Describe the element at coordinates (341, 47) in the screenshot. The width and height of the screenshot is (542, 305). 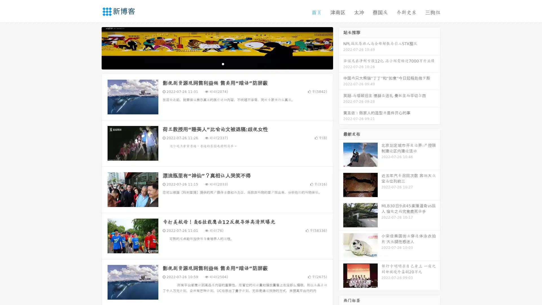
I see `Next slide` at that location.